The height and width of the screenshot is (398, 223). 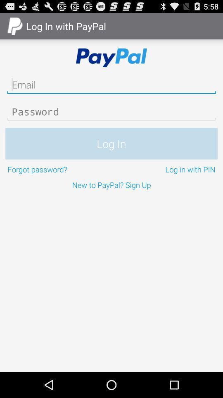 What do you see at coordinates (58, 169) in the screenshot?
I see `icon to the left of the log in with` at bounding box center [58, 169].